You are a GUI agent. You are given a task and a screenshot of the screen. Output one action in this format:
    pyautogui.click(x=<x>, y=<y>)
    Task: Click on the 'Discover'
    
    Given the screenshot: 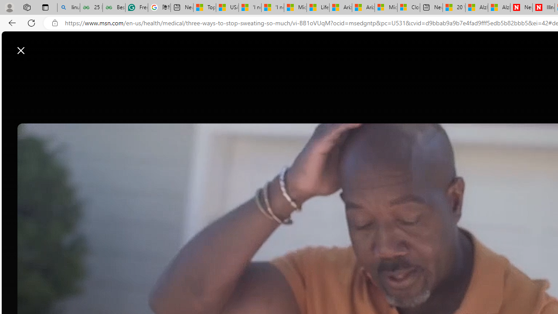 What is the action you would take?
    pyautogui.click(x=163, y=71)
    